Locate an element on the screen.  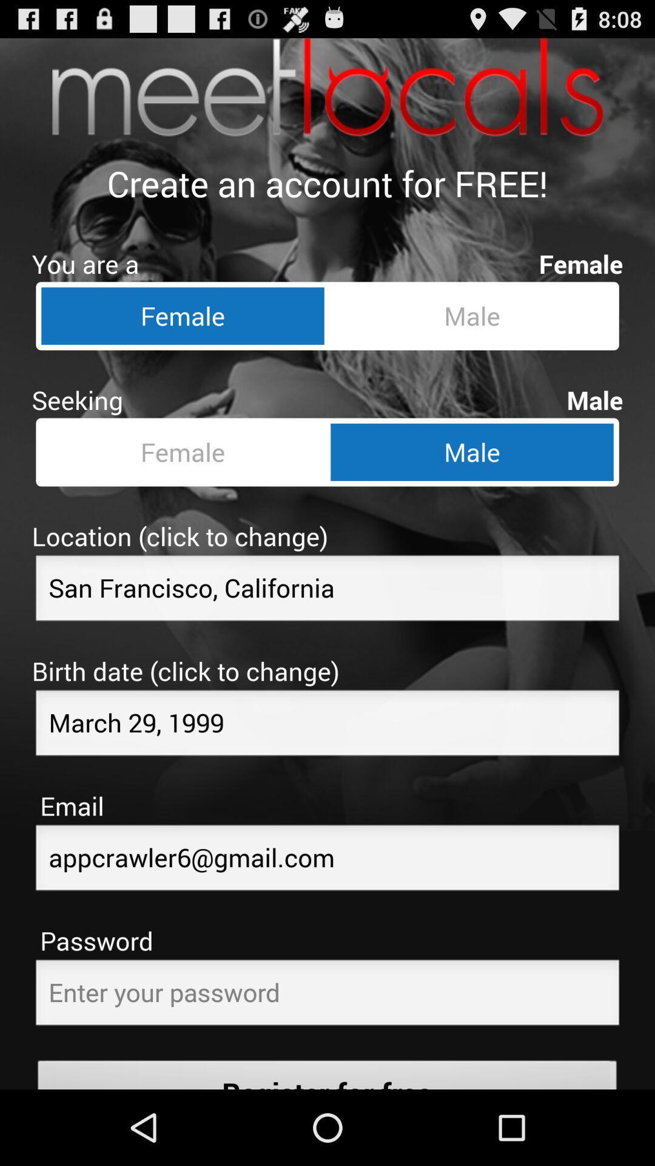
a password is located at coordinates (327, 996).